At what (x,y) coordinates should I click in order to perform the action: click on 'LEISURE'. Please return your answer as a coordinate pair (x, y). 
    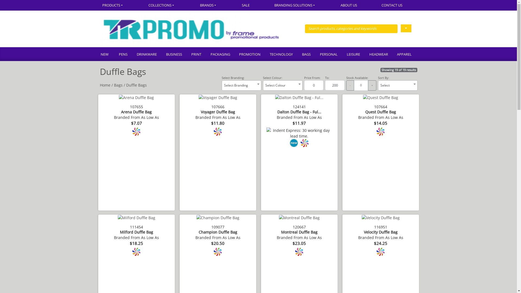
    Looking at the image, I should click on (353, 55).